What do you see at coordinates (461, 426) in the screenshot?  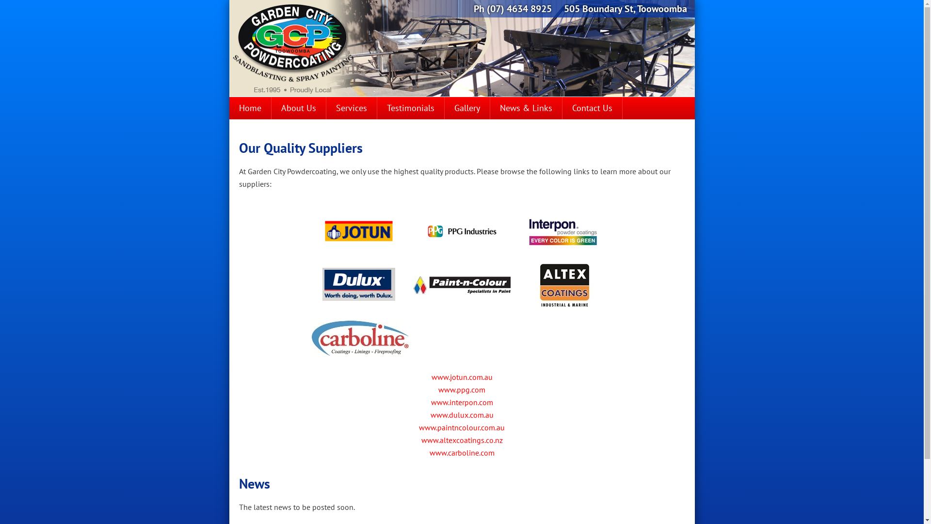 I see `'www.paintncolour.com.au'` at bounding box center [461, 426].